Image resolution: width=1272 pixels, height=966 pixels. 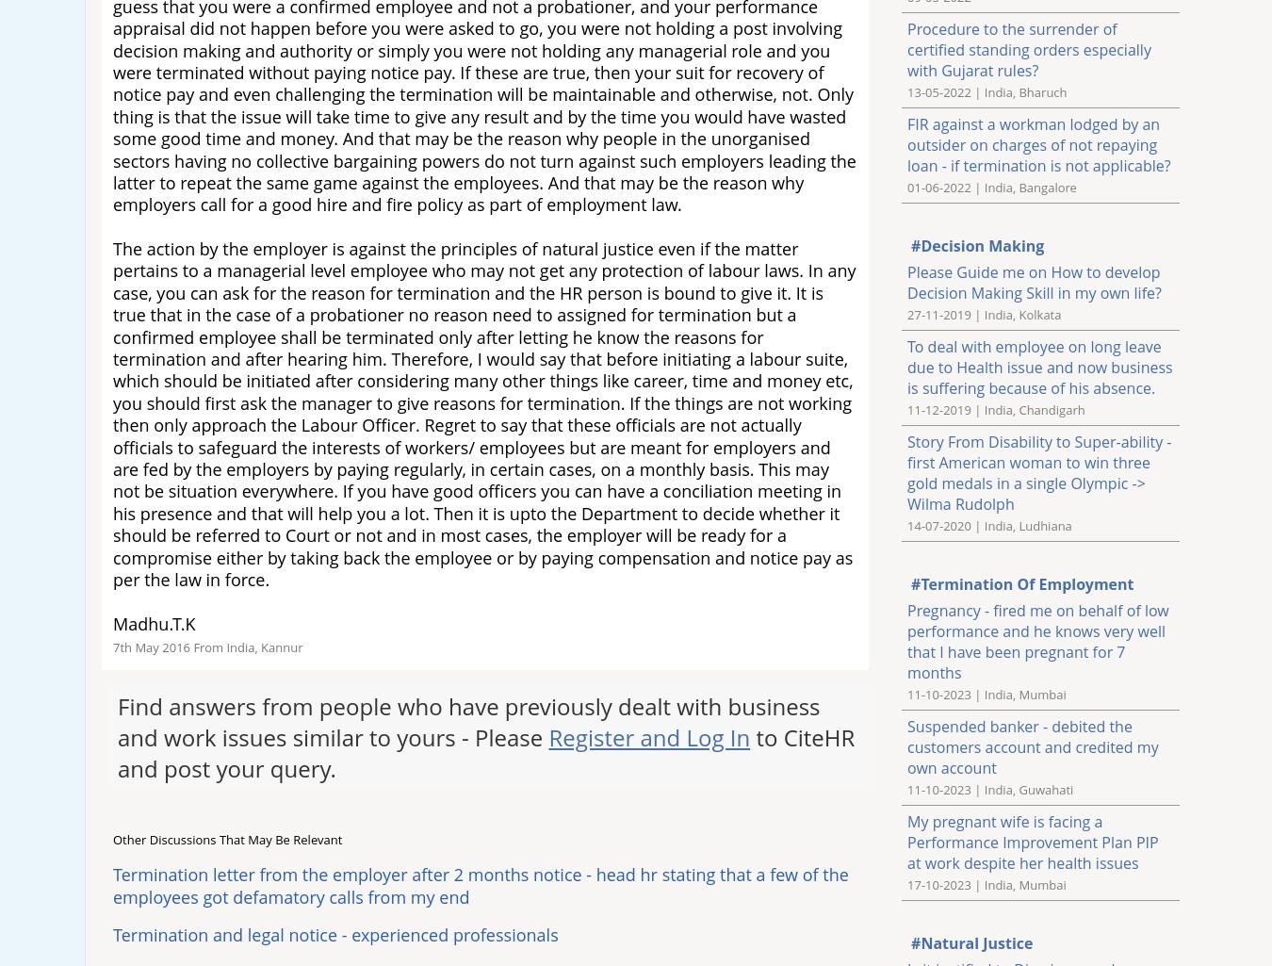 I want to click on 'Other Discussions That May Be Relevant', so click(x=226, y=839).